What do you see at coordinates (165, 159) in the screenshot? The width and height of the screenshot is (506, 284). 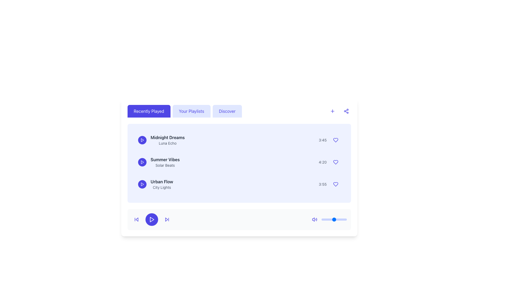 I see `the Text Label that serves as the title for the second music track in the playlist, located between 'Midnight Dreams' and 'Urban Flow'` at bounding box center [165, 159].